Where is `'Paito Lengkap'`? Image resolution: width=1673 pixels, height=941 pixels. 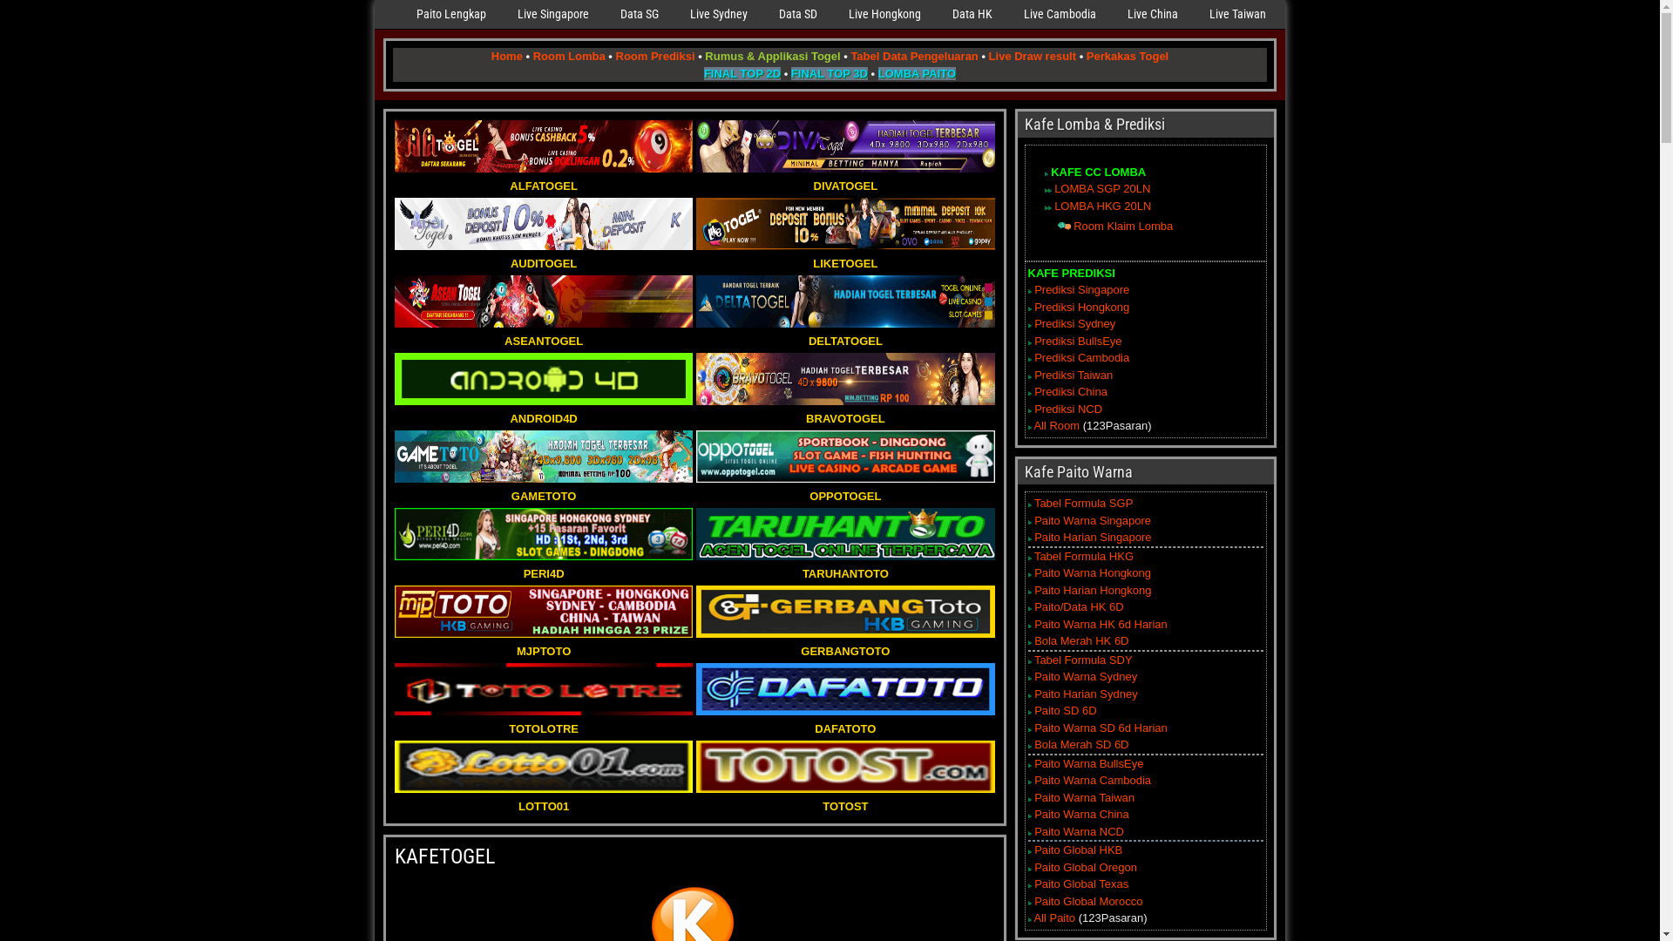 'Paito Lengkap' is located at coordinates (400, 14).